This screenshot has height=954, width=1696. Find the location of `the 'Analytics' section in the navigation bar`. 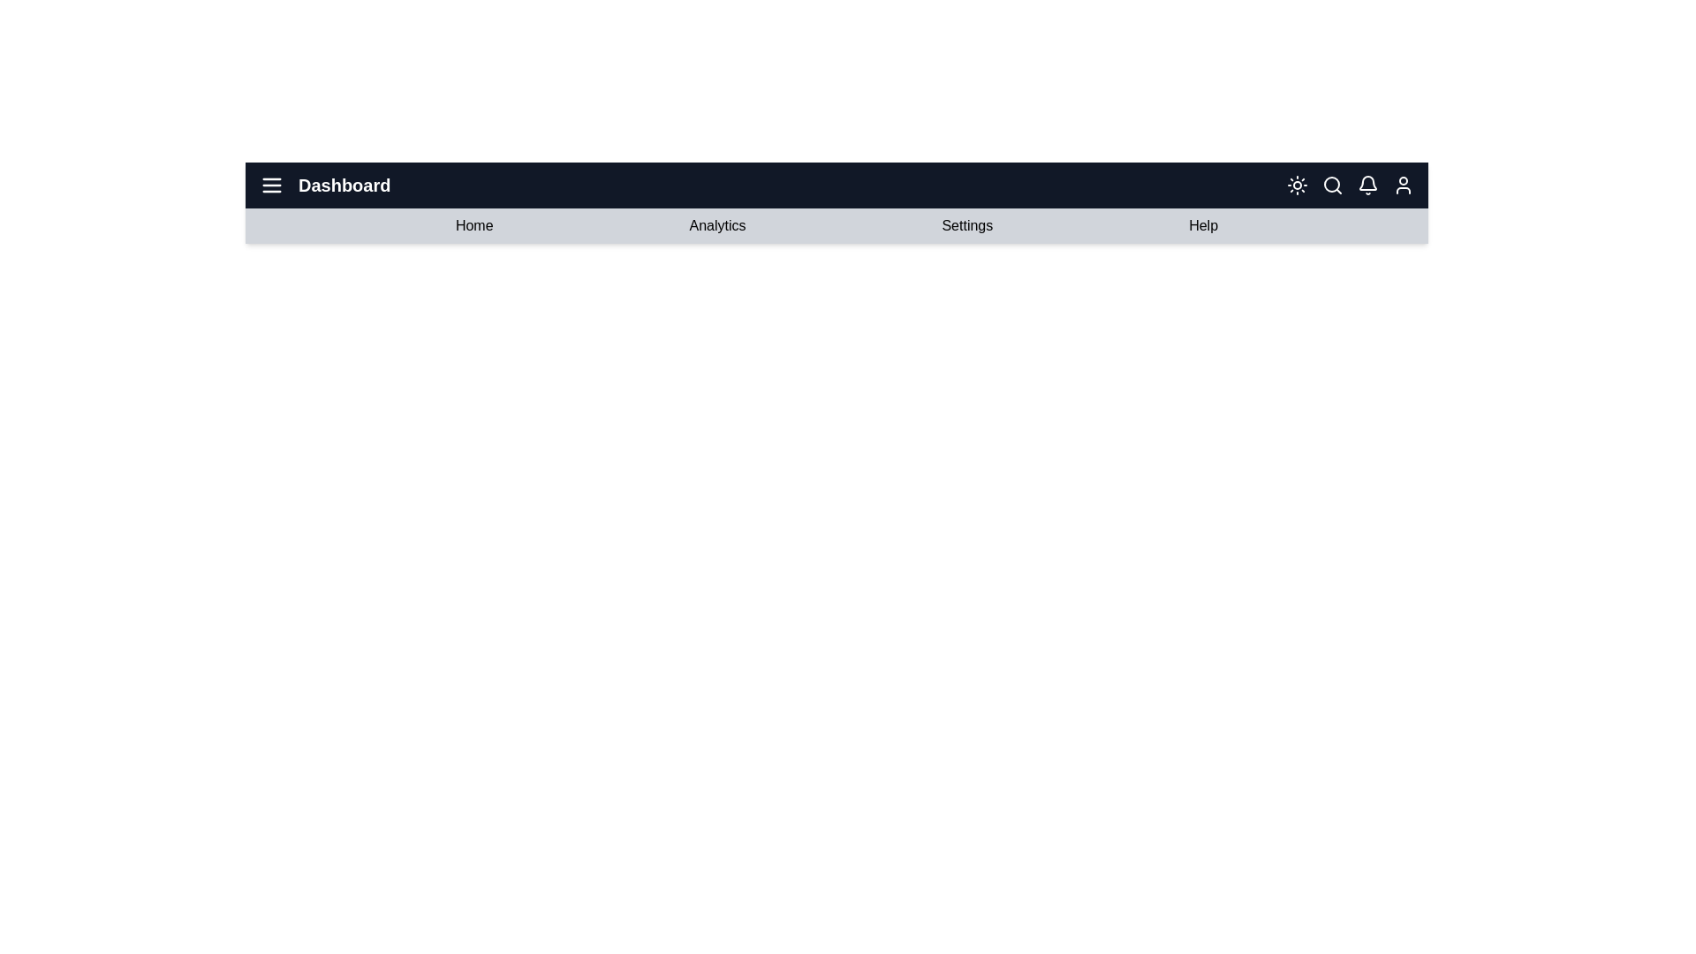

the 'Analytics' section in the navigation bar is located at coordinates (716, 224).